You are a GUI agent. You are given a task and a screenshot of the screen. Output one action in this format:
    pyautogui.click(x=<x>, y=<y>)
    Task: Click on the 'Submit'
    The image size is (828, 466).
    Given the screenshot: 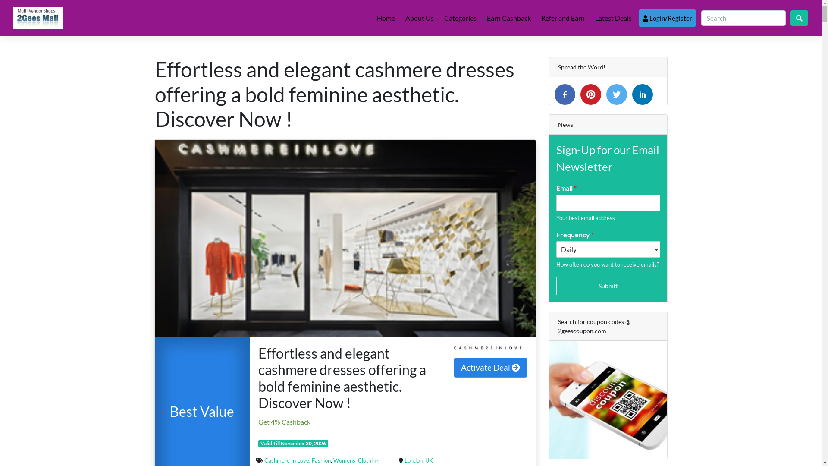 What is the action you would take?
    pyautogui.click(x=608, y=286)
    